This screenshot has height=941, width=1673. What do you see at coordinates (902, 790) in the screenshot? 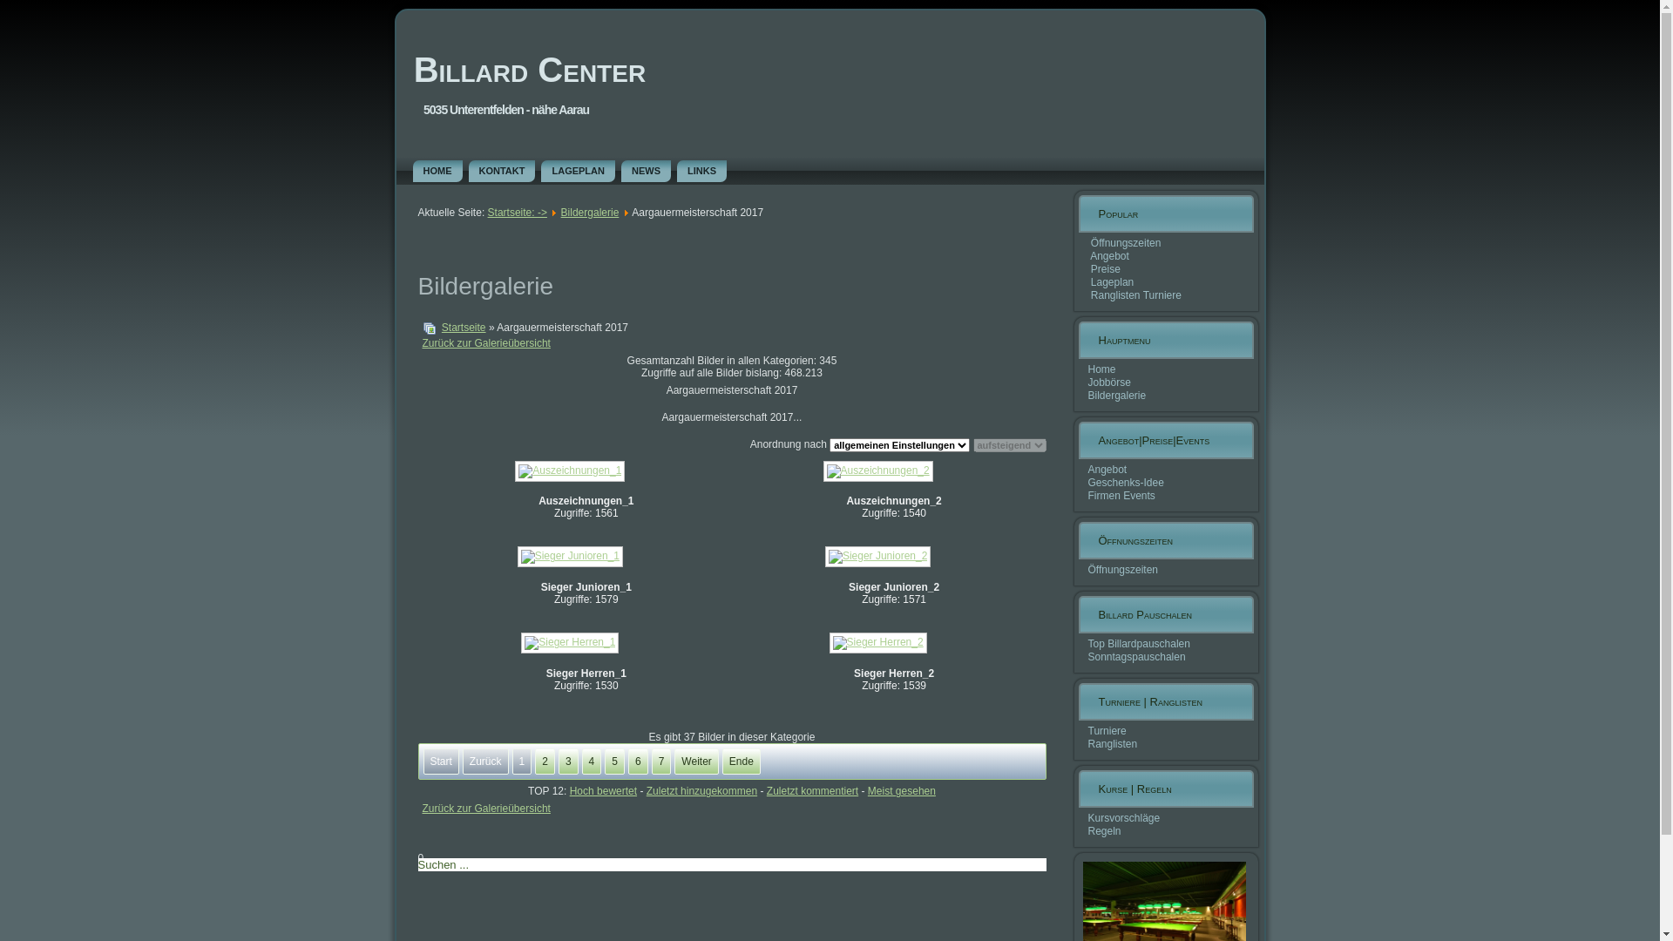
I see `'Meist gesehen'` at bounding box center [902, 790].